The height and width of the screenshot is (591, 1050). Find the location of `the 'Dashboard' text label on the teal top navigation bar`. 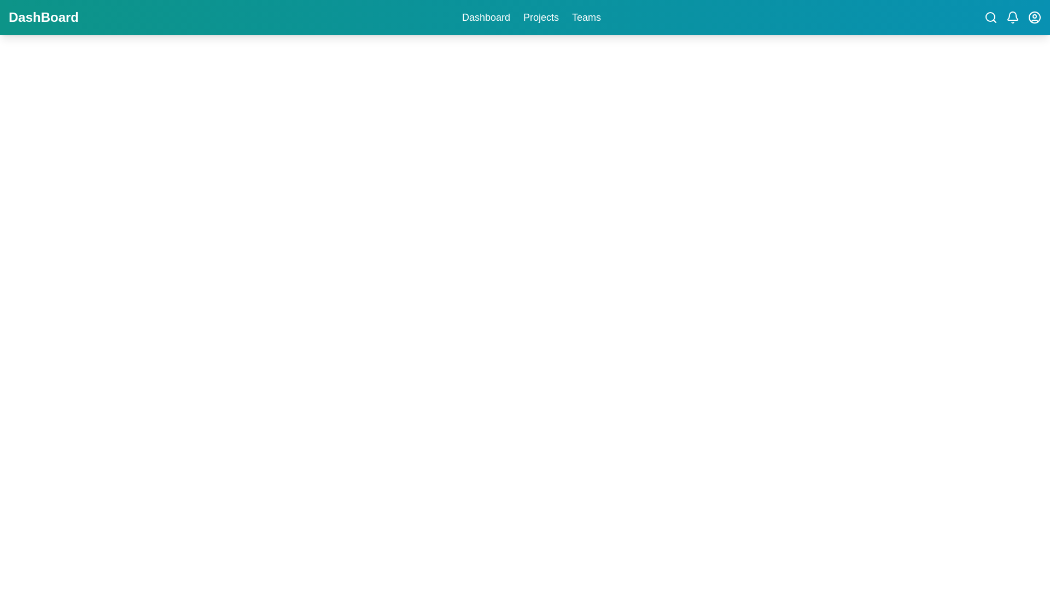

the 'Dashboard' text label on the teal top navigation bar is located at coordinates (485, 17).